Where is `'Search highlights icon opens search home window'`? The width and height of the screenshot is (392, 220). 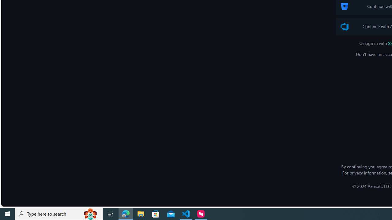
'Search highlights icon opens search home window' is located at coordinates (90, 213).